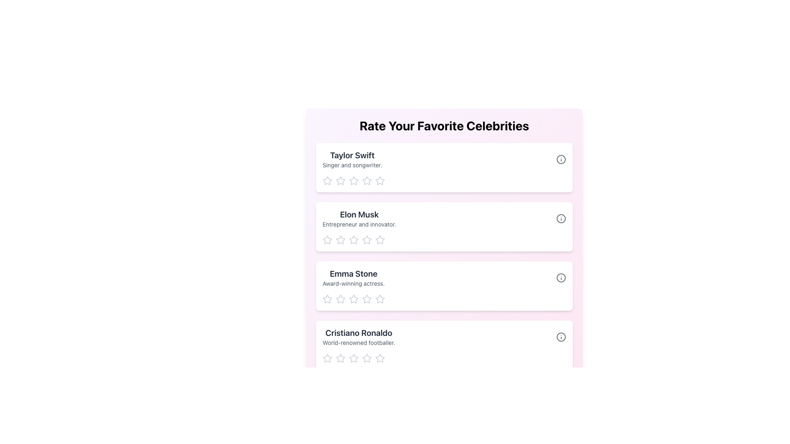 The image size is (790, 444). What do you see at coordinates (341, 358) in the screenshot?
I see `the first rating star icon located beneath the 'Cristiano Ronaldo' section` at bounding box center [341, 358].